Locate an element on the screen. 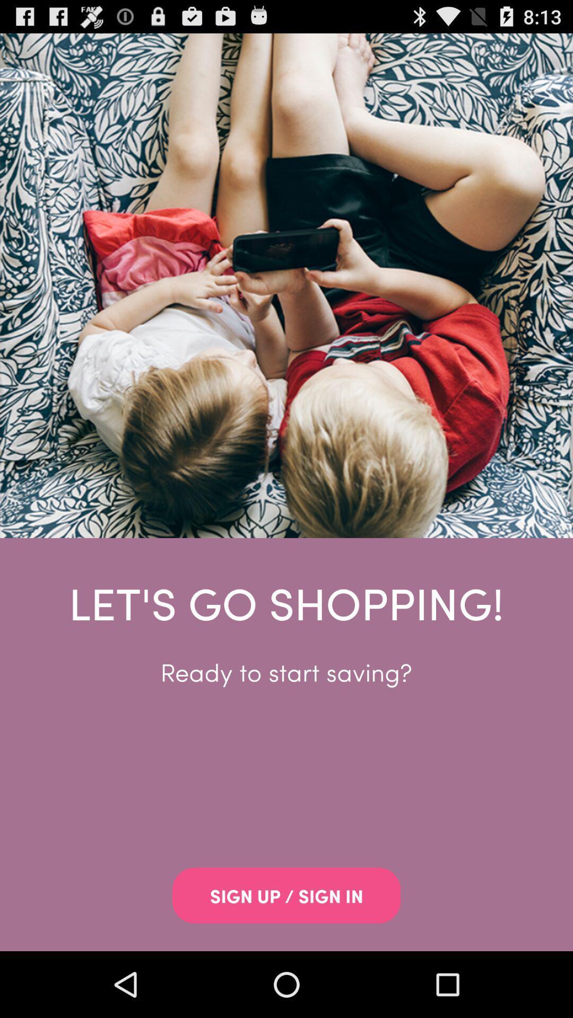  sign up sign icon is located at coordinates (286, 895).